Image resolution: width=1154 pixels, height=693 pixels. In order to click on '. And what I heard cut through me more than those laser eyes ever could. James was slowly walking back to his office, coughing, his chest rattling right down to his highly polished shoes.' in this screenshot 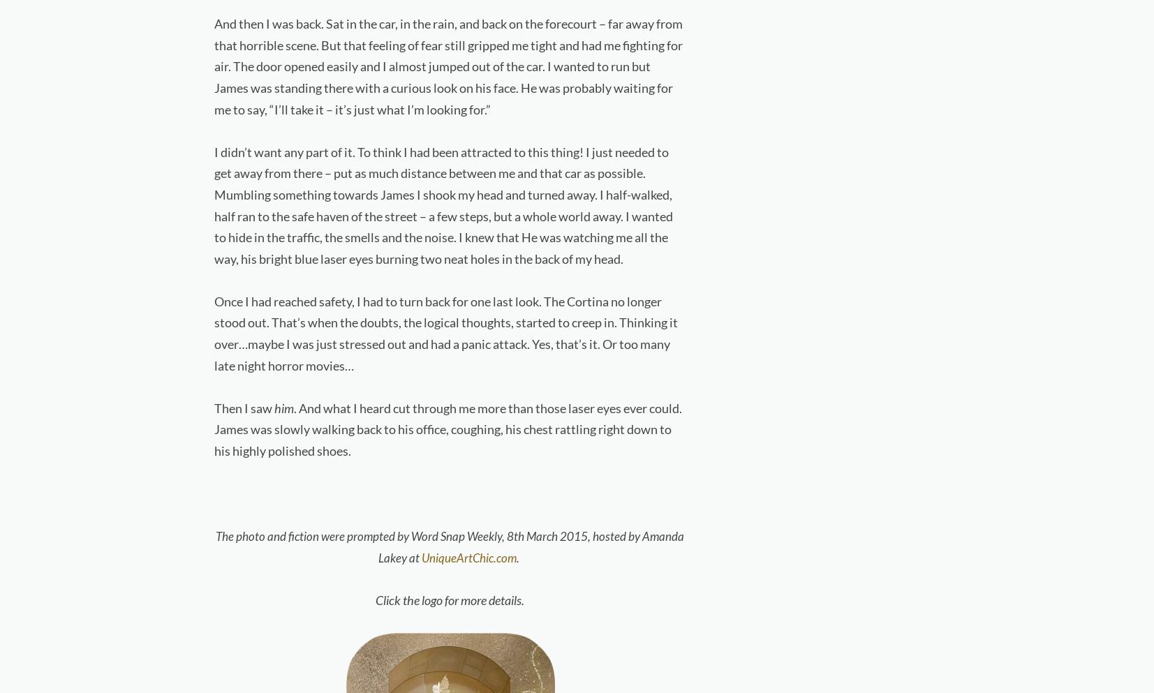, I will do `click(447, 428)`.